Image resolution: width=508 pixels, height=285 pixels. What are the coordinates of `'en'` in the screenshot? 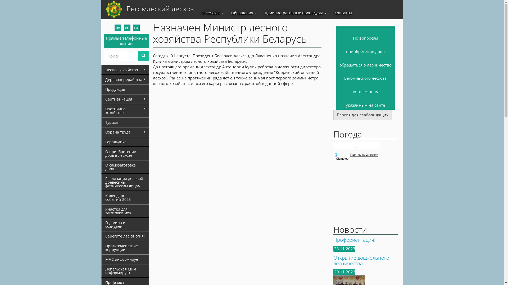 It's located at (127, 27).